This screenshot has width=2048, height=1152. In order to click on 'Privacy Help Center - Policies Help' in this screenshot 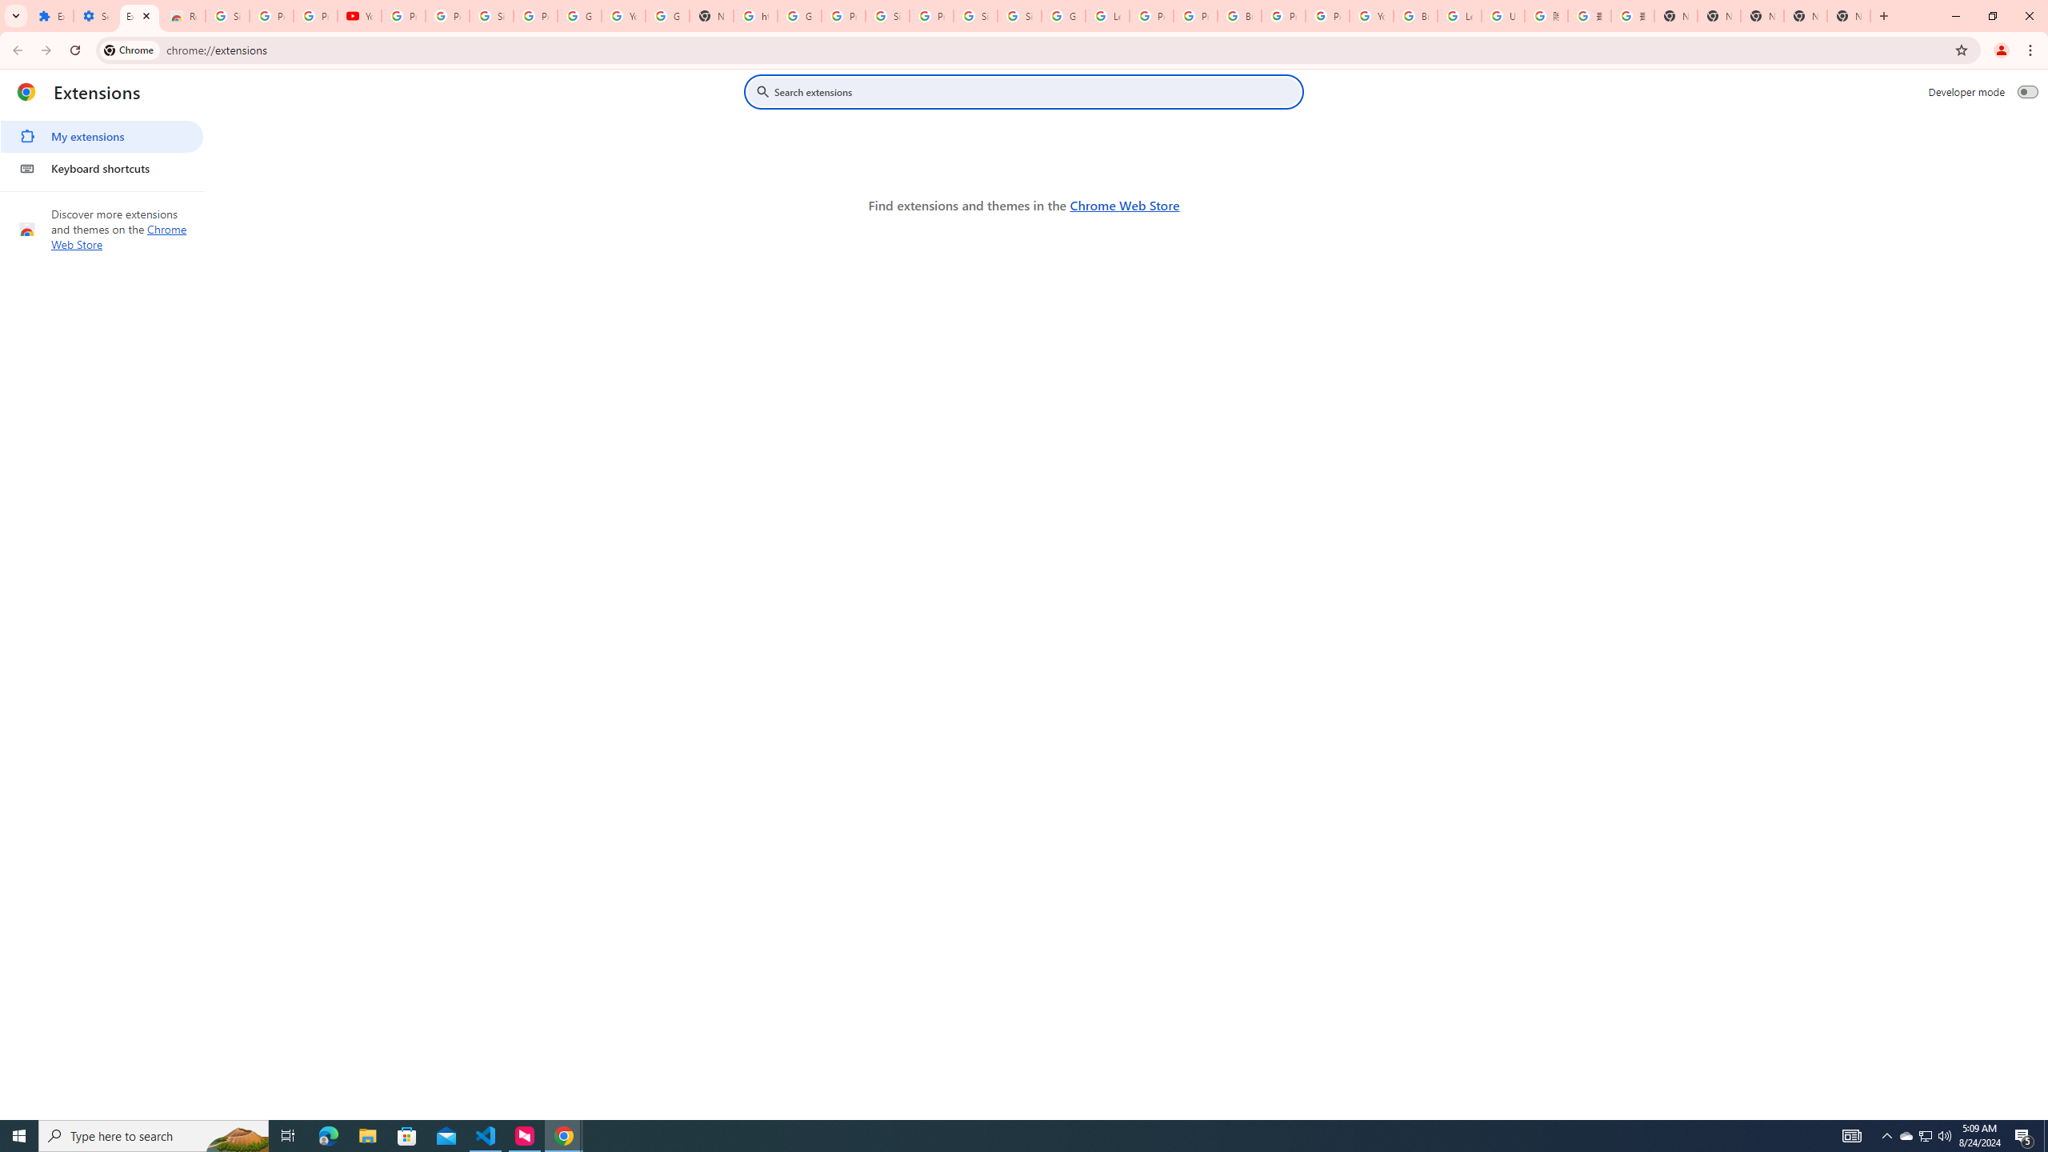, I will do `click(1151, 15)`.